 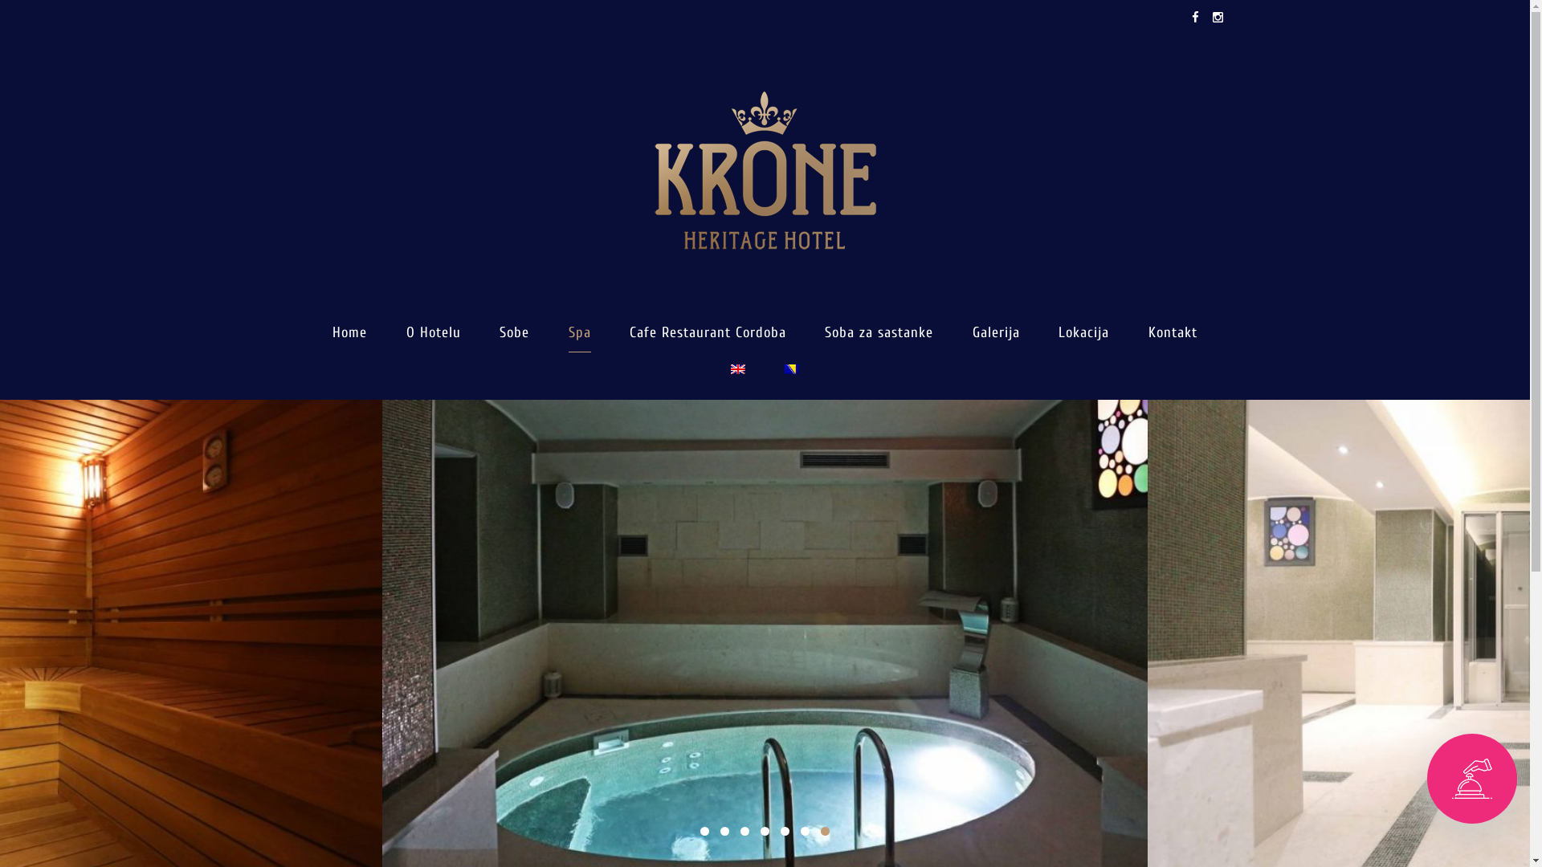 I want to click on 'Lokacija', so click(x=1059, y=332).